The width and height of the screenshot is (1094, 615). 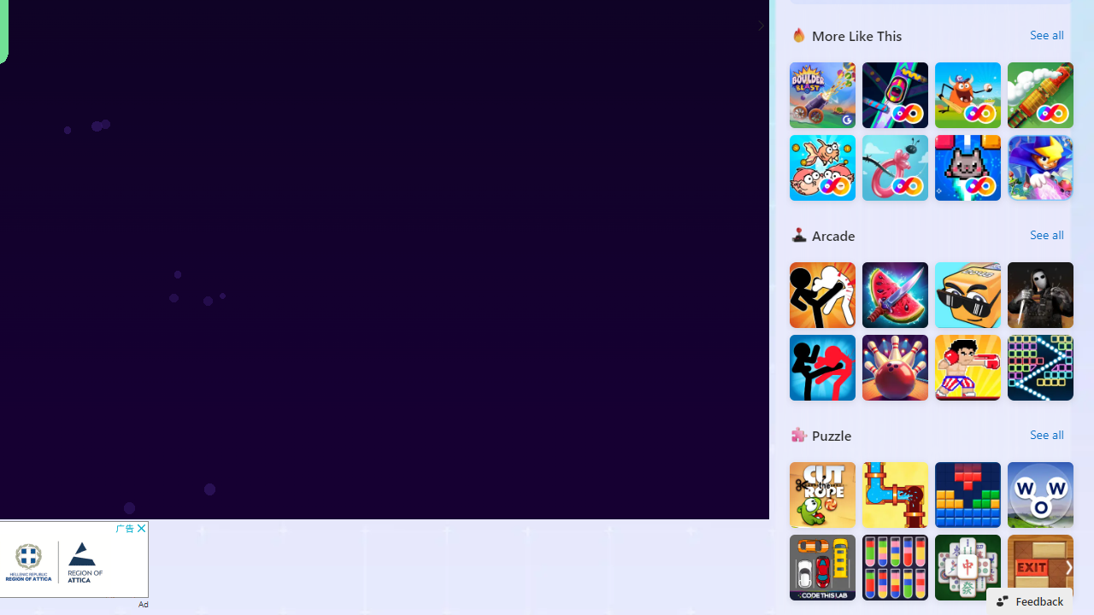 What do you see at coordinates (822, 95) in the screenshot?
I see `'Boulder Blast'` at bounding box center [822, 95].